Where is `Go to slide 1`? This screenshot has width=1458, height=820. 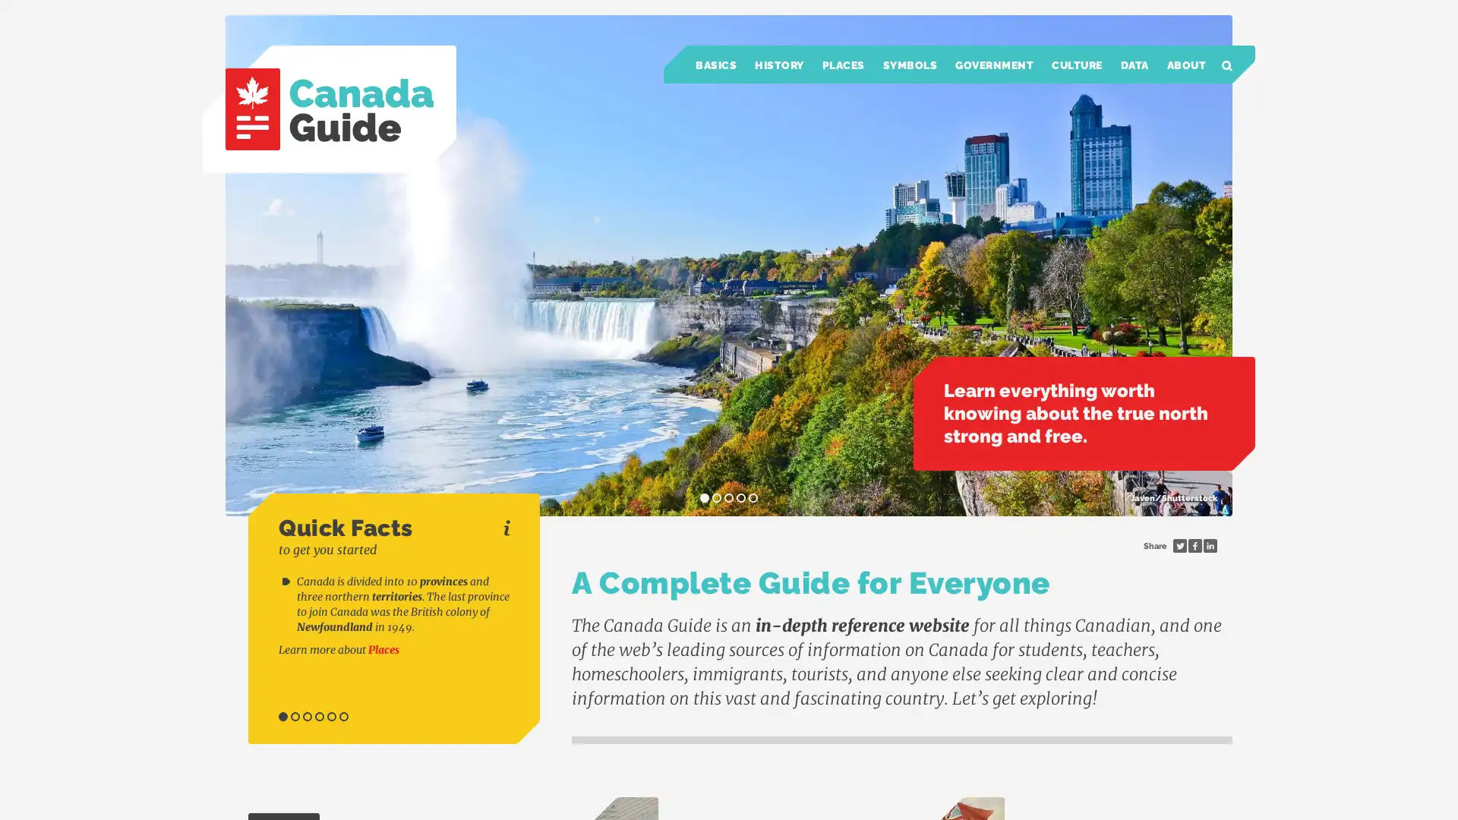
Go to slide 1 is located at coordinates (283, 717).